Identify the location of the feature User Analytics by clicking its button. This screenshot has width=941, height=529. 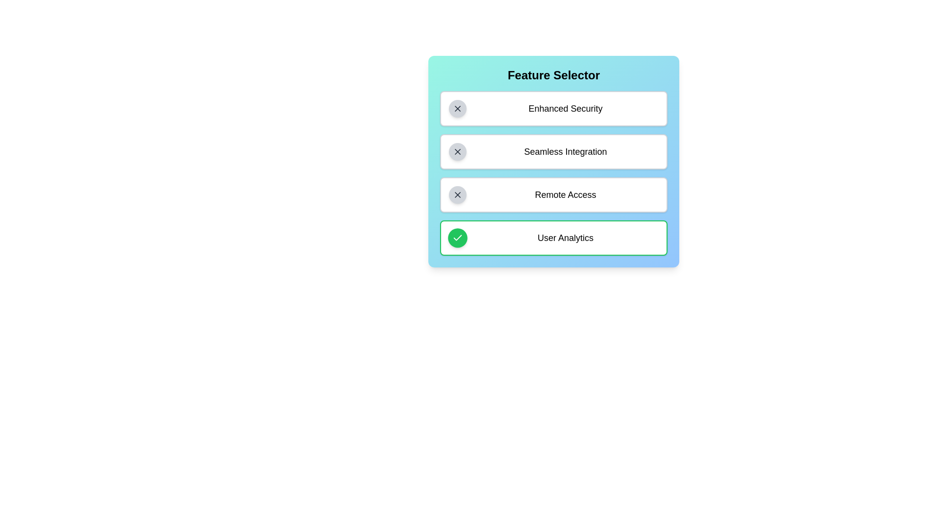
(457, 238).